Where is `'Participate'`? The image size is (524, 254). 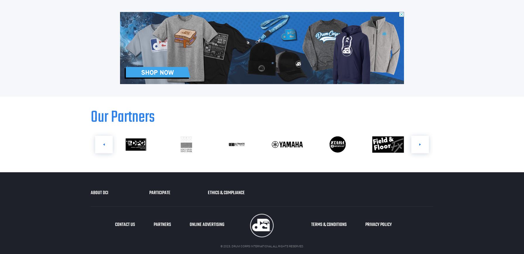
'Participate' is located at coordinates (159, 193).